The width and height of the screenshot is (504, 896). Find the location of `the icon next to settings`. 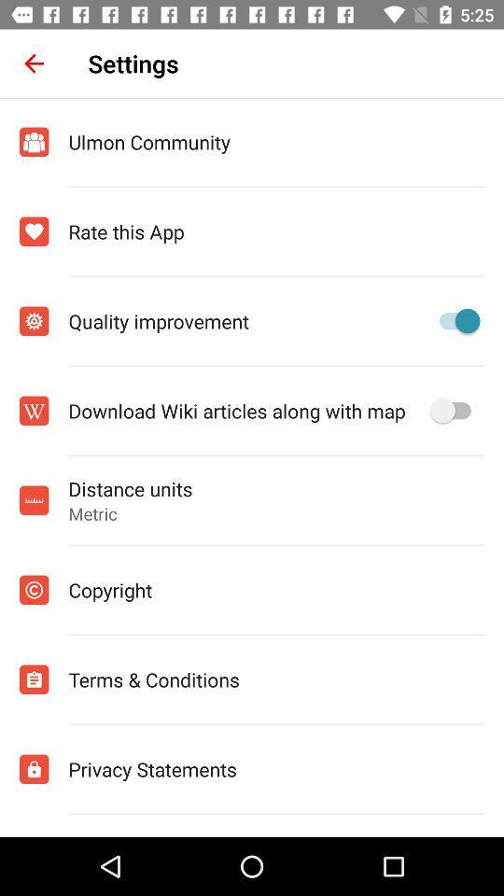

the icon next to settings is located at coordinates (34, 63).